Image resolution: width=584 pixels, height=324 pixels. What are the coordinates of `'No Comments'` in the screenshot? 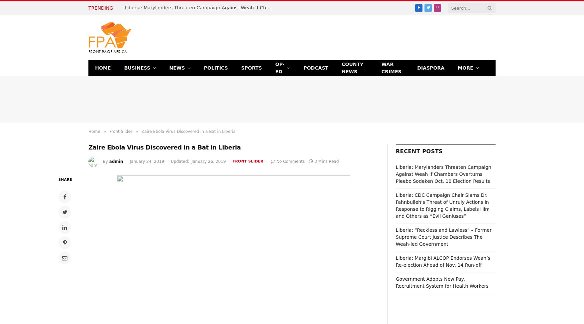 It's located at (290, 162).